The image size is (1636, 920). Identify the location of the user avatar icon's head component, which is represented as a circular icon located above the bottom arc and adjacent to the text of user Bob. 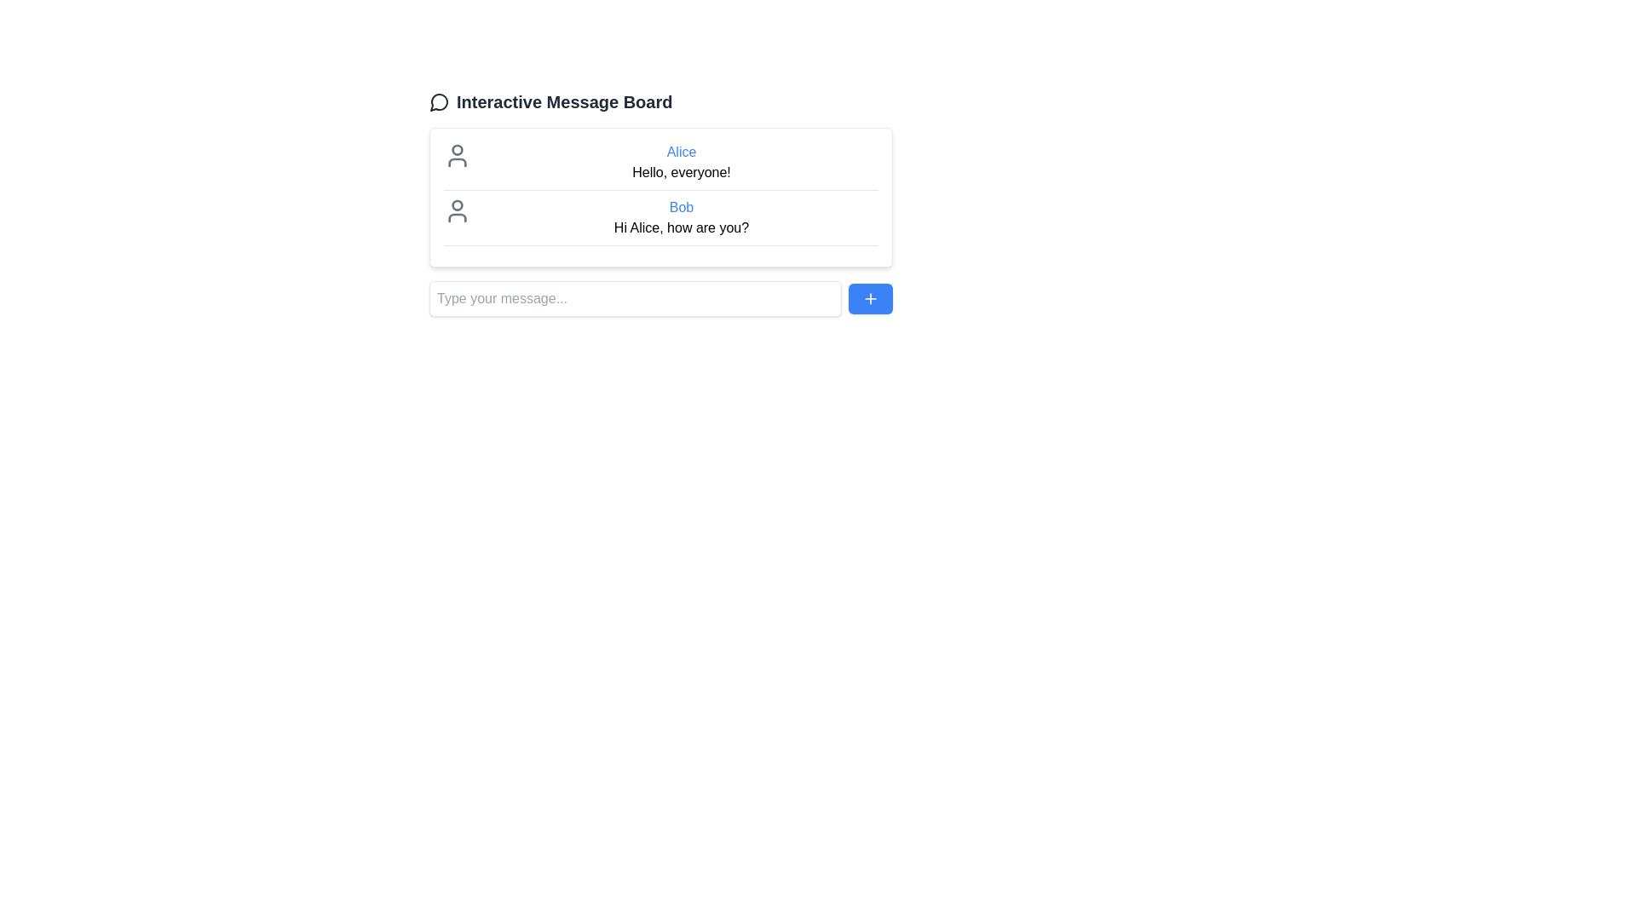
(458, 204).